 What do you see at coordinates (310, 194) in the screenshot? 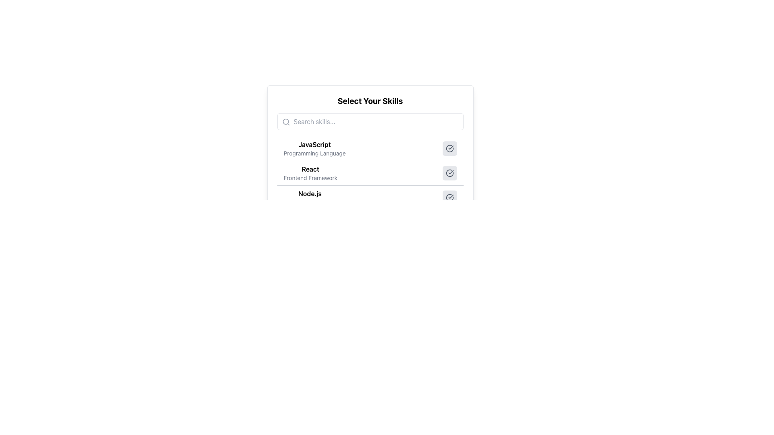
I see `the 'Node.js' skill label in the vertically arranged list` at bounding box center [310, 194].